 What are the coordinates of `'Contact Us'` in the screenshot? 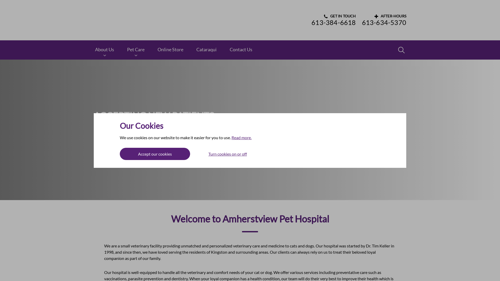 It's located at (241, 50).